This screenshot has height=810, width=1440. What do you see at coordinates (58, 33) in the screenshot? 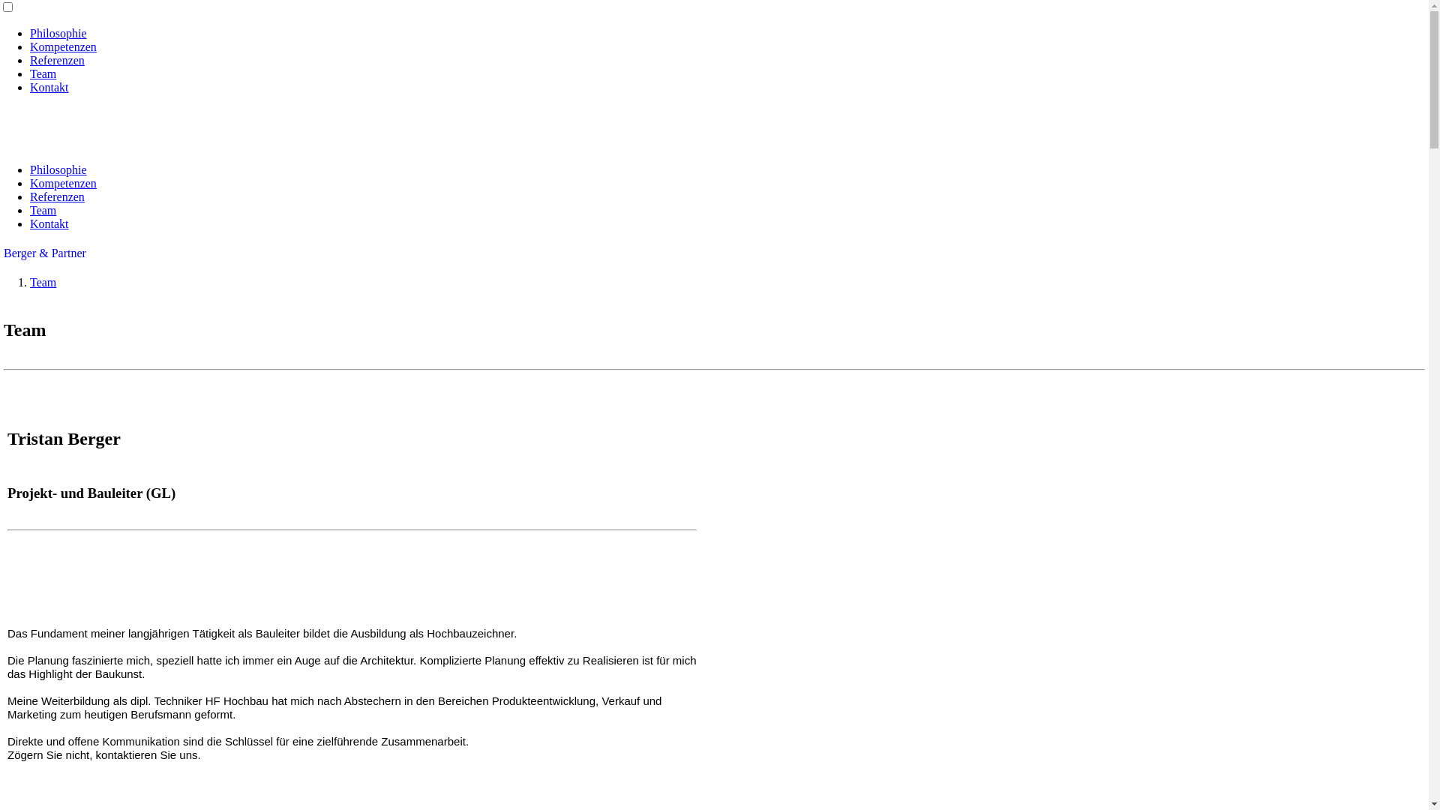
I see `'Philosophie'` at bounding box center [58, 33].